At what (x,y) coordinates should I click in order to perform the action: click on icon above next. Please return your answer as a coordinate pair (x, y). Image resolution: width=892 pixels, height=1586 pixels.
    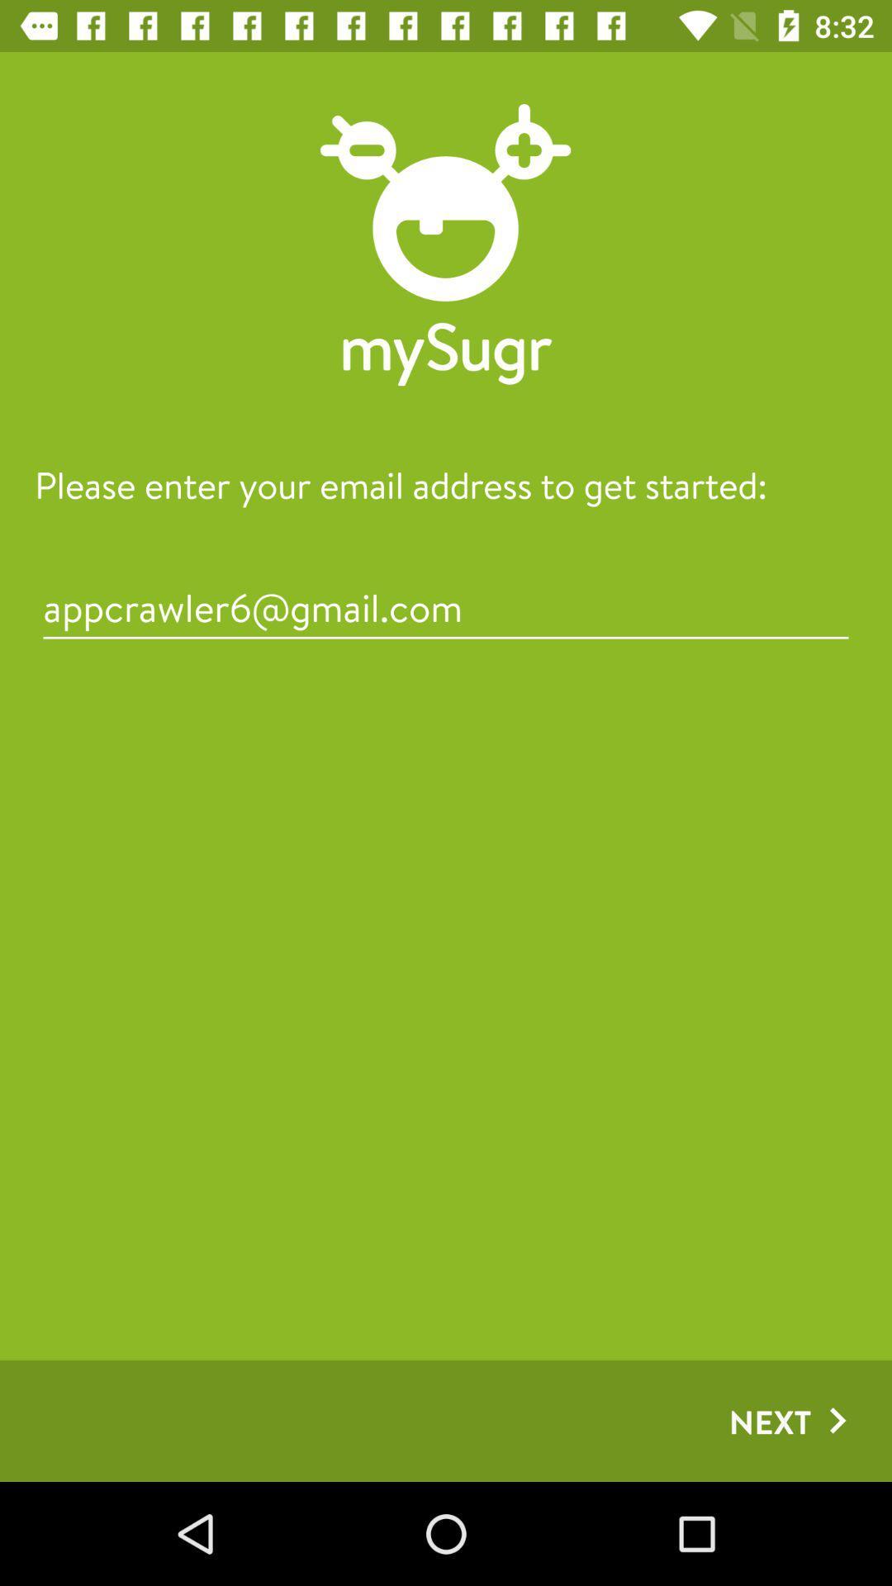
    Looking at the image, I should click on (446, 606).